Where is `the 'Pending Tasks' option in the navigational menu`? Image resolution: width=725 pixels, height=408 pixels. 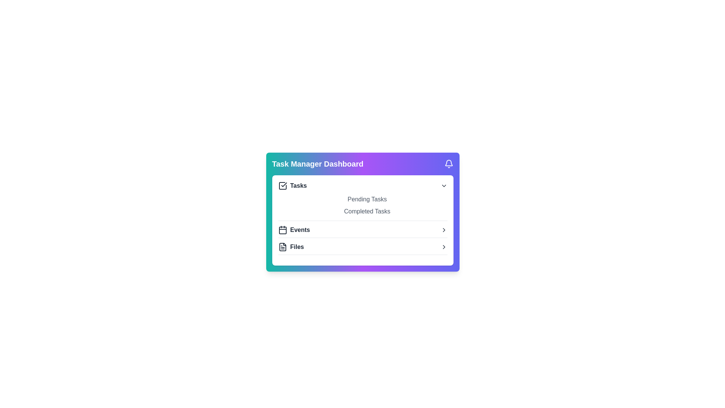 the 'Pending Tasks' option in the navigational menu is located at coordinates (362, 205).